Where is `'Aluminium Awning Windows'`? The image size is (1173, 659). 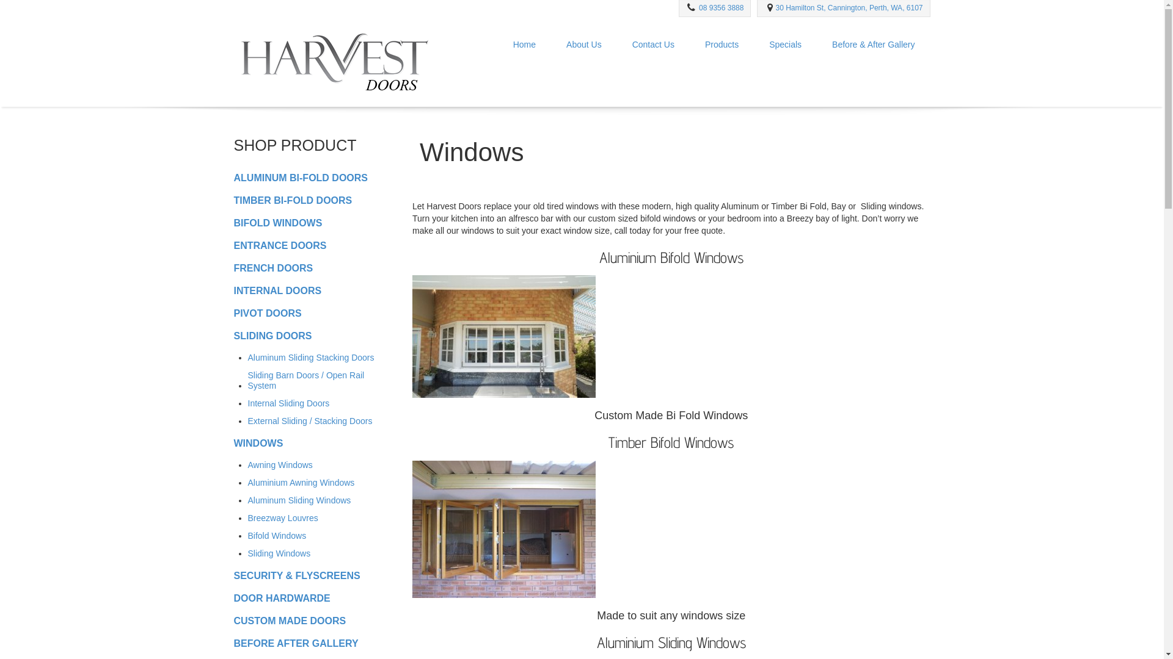
'Aluminium Awning Windows' is located at coordinates (301, 481).